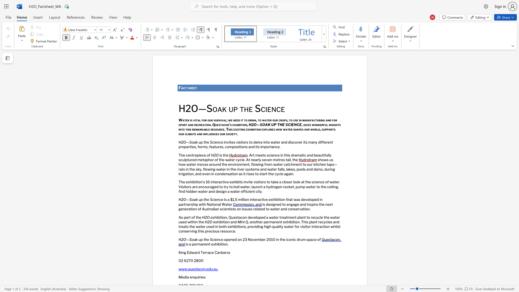  What do you see at coordinates (205, 134) in the screenshot?
I see `the subset text "fluences our s" within the text "and influences our society."` at bounding box center [205, 134].